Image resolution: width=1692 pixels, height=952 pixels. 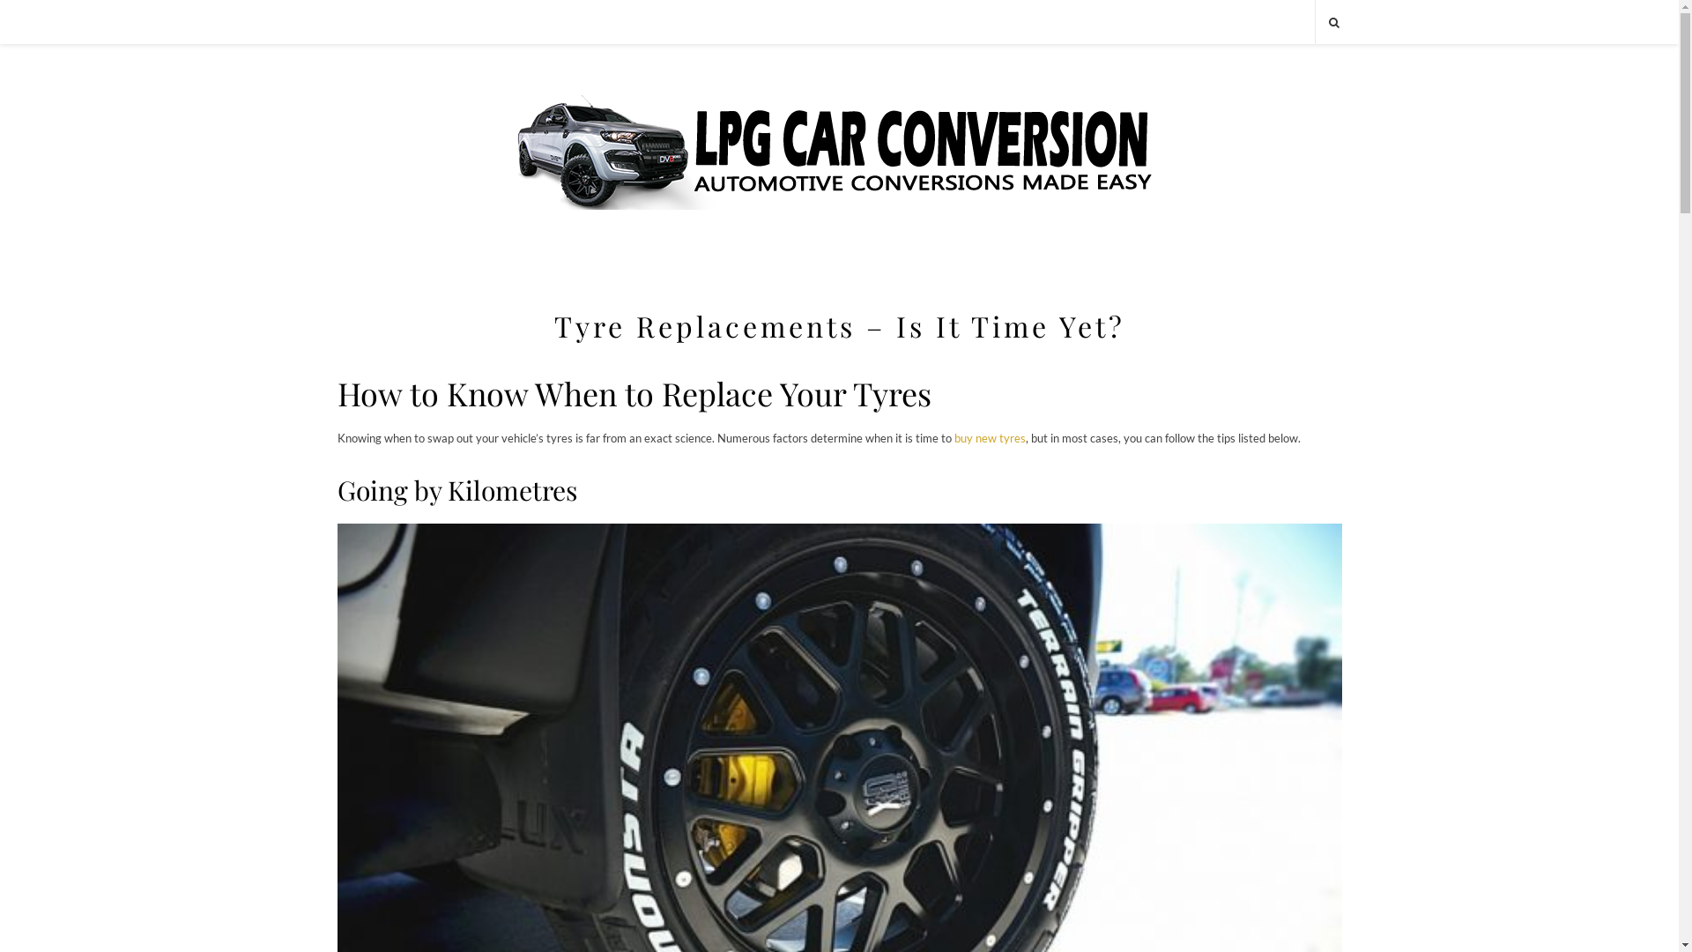 What do you see at coordinates (989, 437) in the screenshot?
I see `'buy new tyres'` at bounding box center [989, 437].